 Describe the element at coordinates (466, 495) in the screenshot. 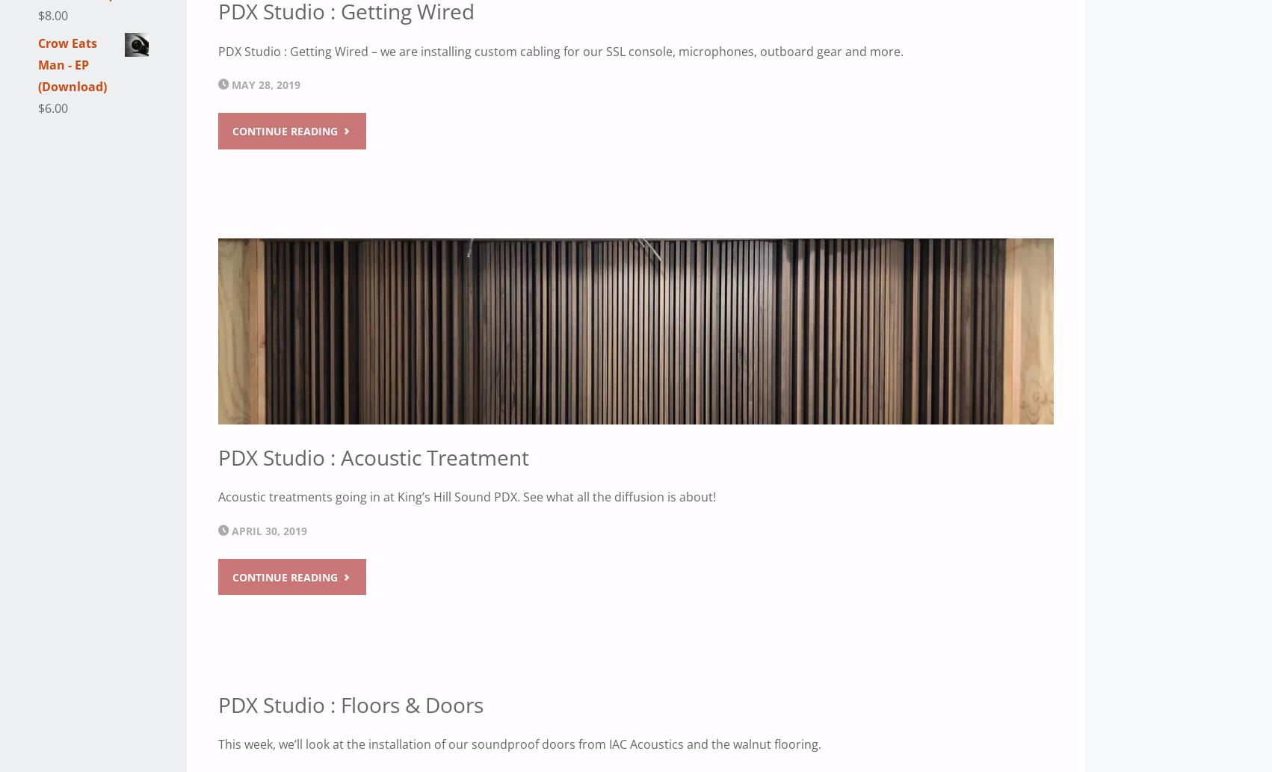

I see `'Acoustic treatments going in at King’s Hill Sound PDX.  See what all the diffusion is about!'` at that location.